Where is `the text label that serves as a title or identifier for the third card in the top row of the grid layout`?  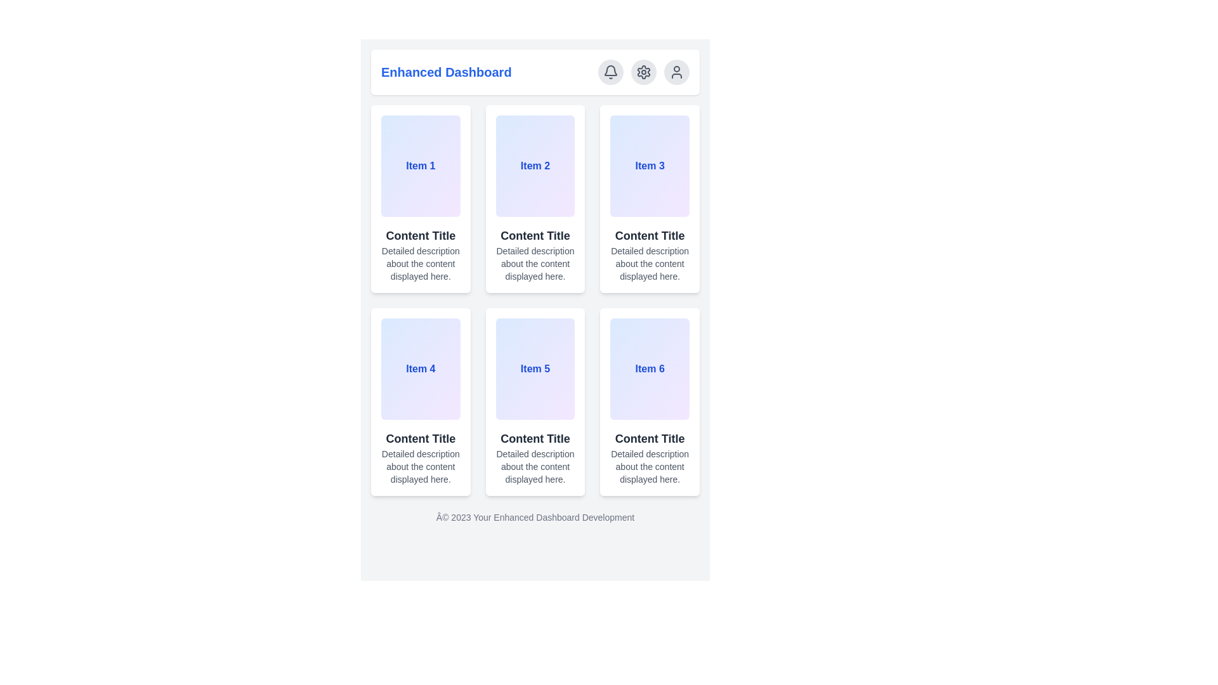
the text label that serves as a title or identifier for the third card in the top row of the grid layout is located at coordinates (650, 166).